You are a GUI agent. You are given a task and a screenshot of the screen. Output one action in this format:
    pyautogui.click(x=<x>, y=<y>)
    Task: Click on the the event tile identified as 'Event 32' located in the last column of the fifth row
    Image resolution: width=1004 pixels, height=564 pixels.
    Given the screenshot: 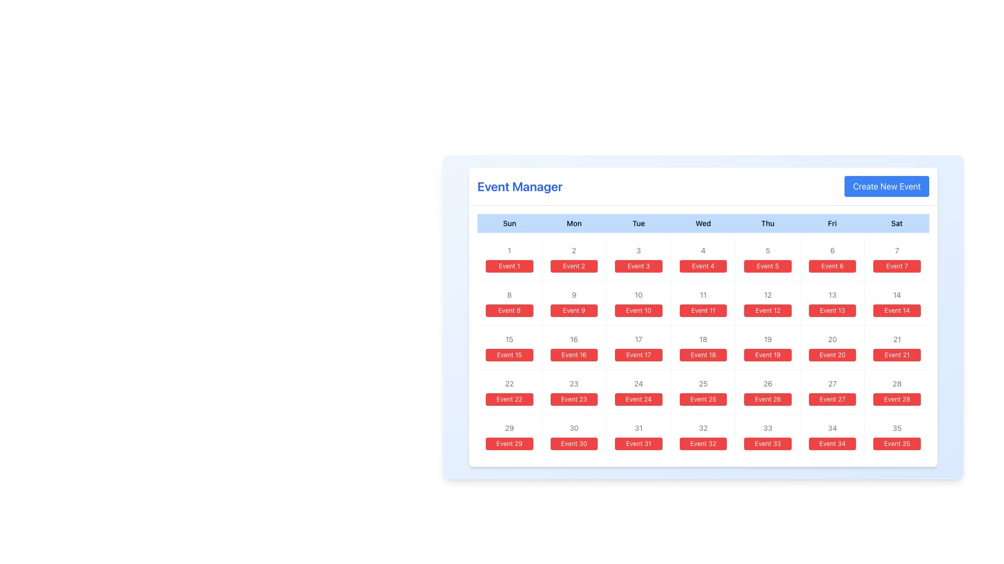 What is the action you would take?
    pyautogui.click(x=703, y=437)
    